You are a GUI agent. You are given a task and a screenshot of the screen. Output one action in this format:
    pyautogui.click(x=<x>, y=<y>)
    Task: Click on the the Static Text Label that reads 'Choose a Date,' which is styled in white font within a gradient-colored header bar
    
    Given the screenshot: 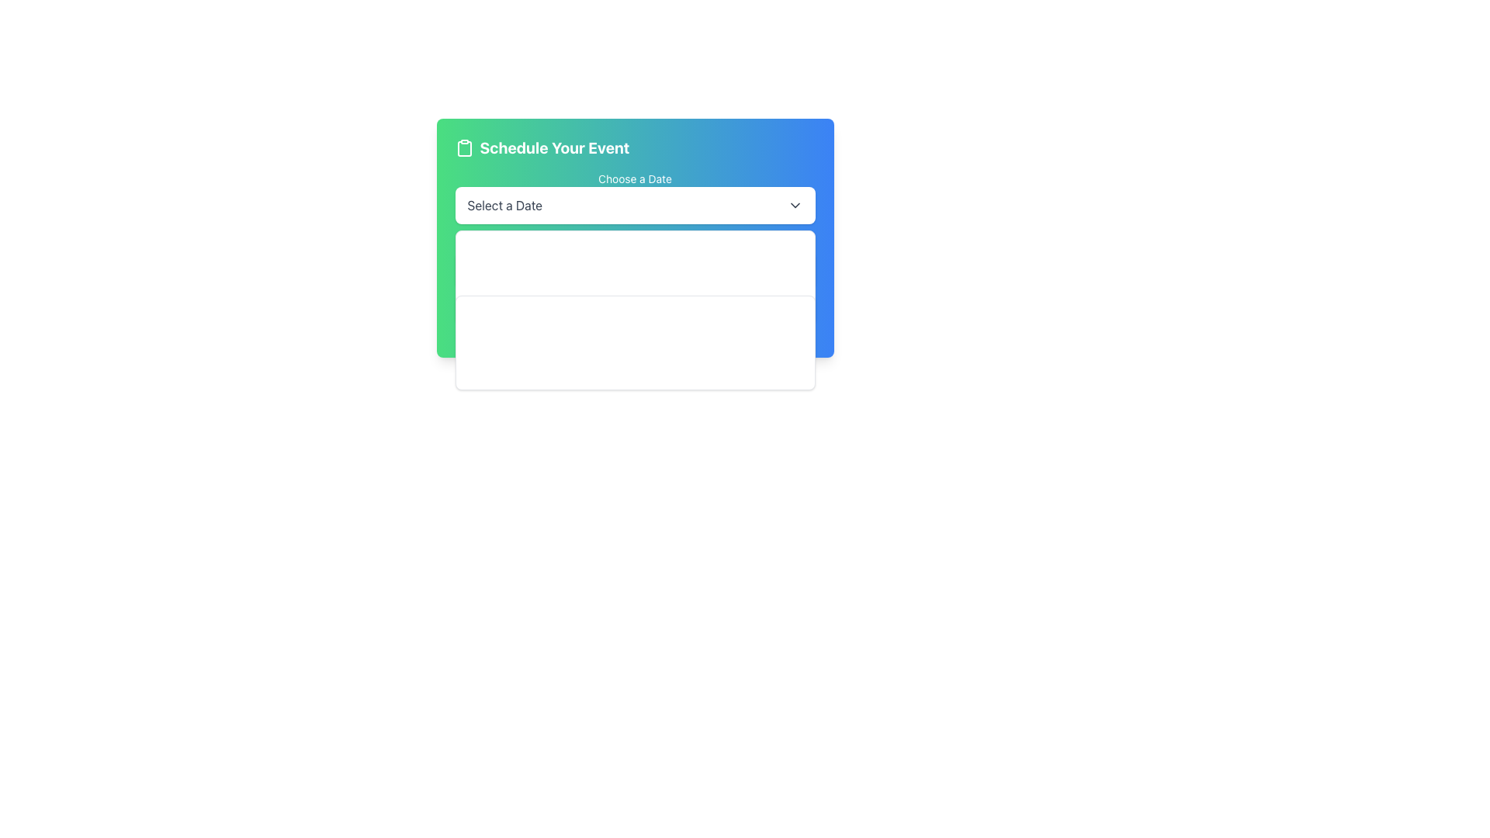 What is the action you would take?
    pyautogui.click(x=635, y=178)
    